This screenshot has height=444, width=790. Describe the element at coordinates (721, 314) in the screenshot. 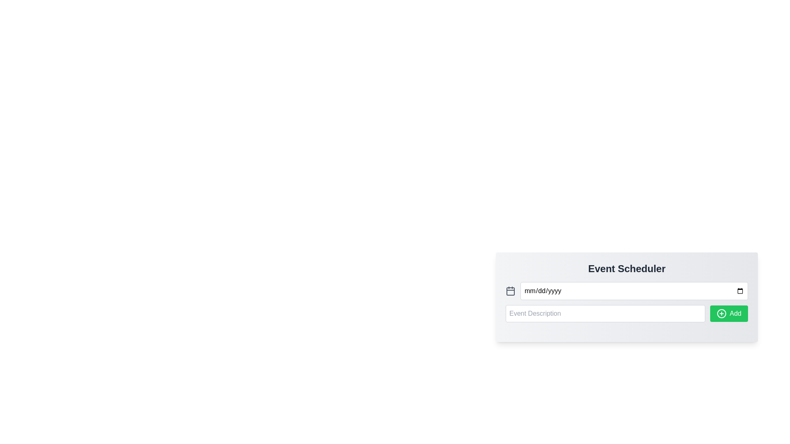

I see `the green SVG circle icon located to the left of the 'Add' button in the event scheduler section` at that location.